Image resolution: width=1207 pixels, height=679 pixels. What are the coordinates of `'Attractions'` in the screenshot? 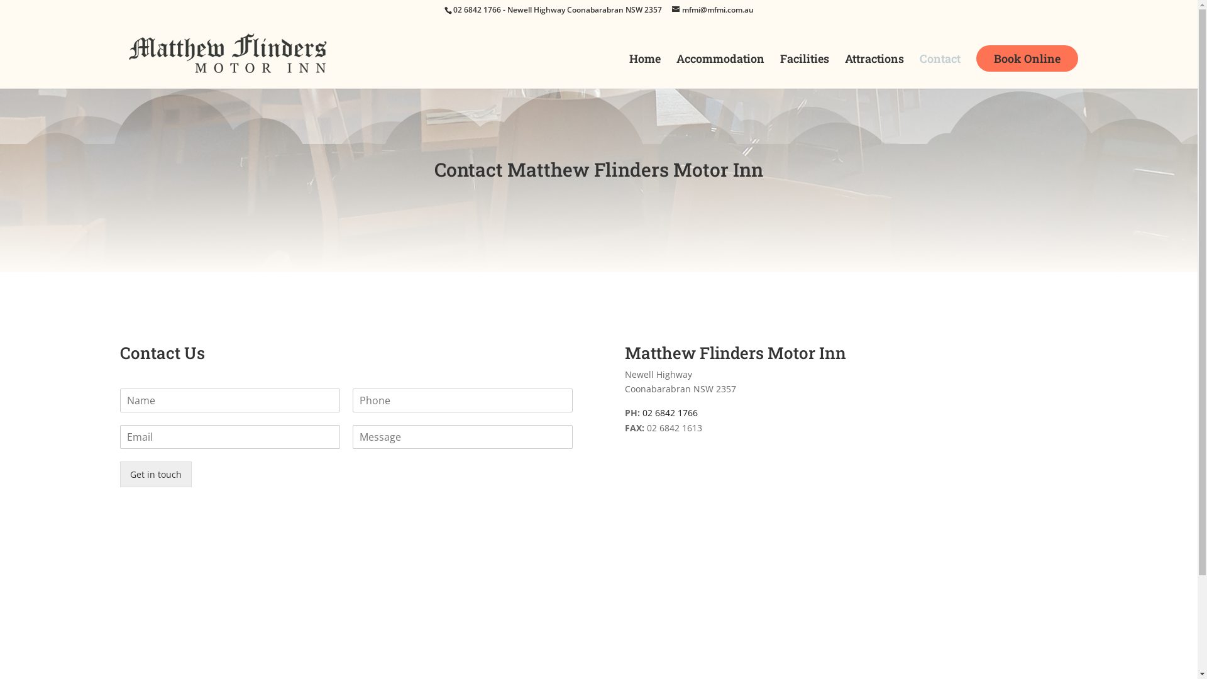 It's located at (874, 71).